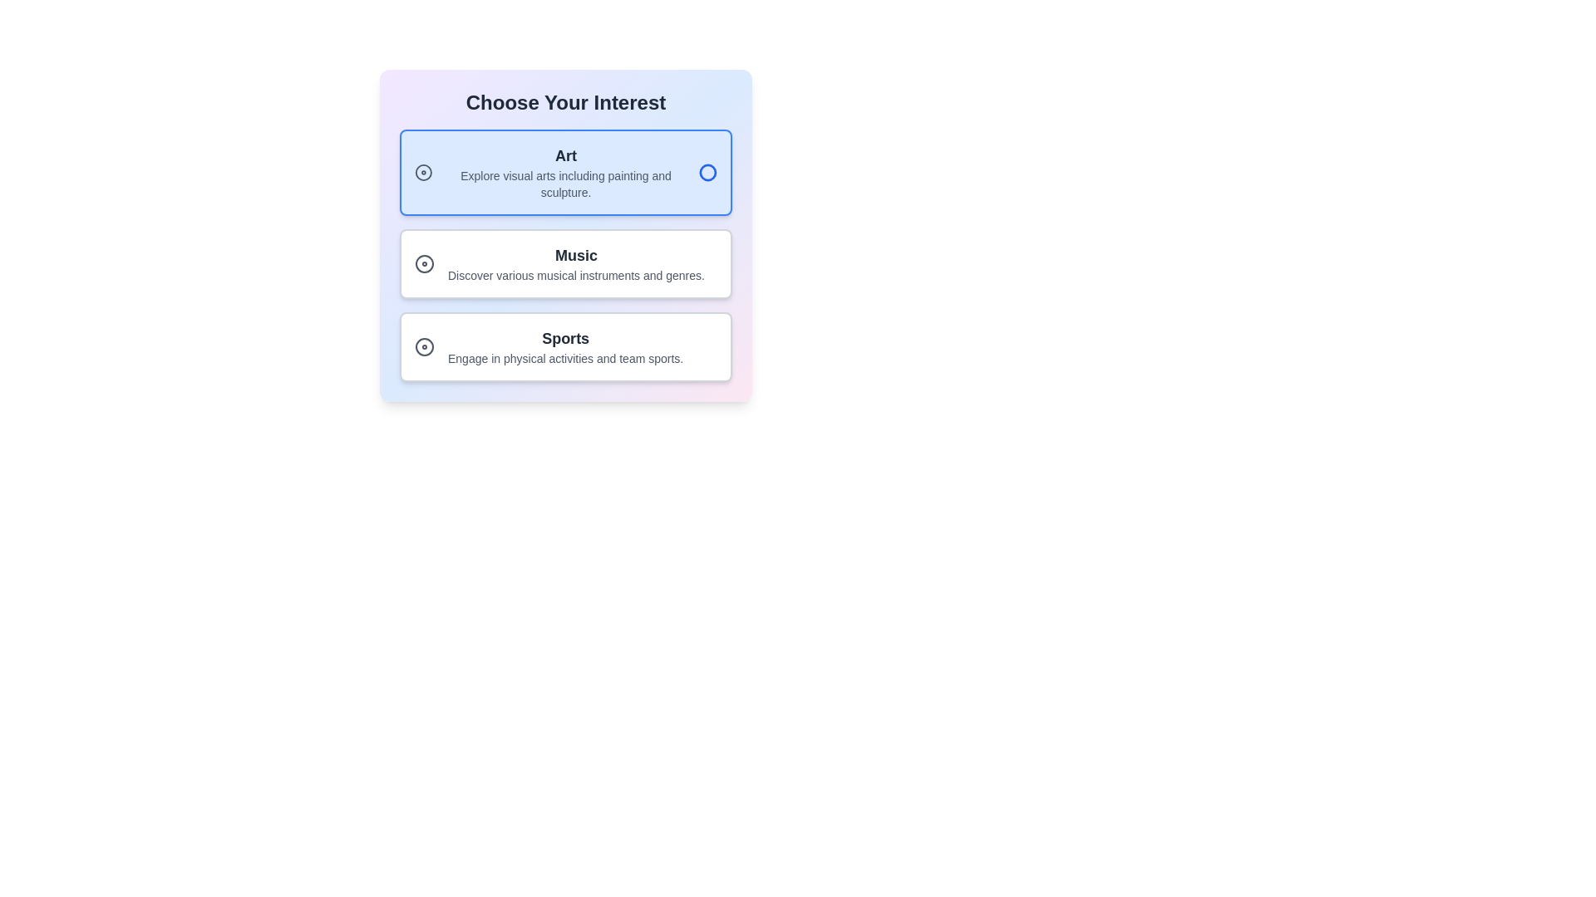  Describe the element at coordinates (424, 346) in the screenshot. I see `the Circle SVG component representing the 'Sports' option in the 'Choose Your Interest' interface` at that location.